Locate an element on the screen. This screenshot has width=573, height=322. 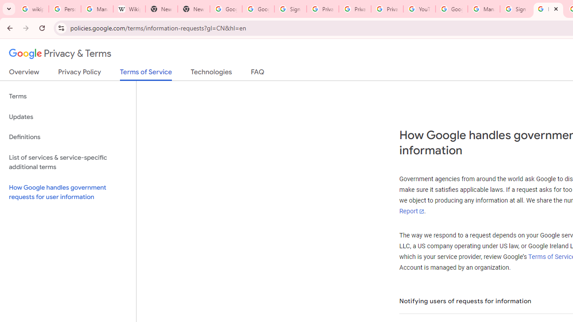
'Google Account Help' is located at coordinates (451, 9).